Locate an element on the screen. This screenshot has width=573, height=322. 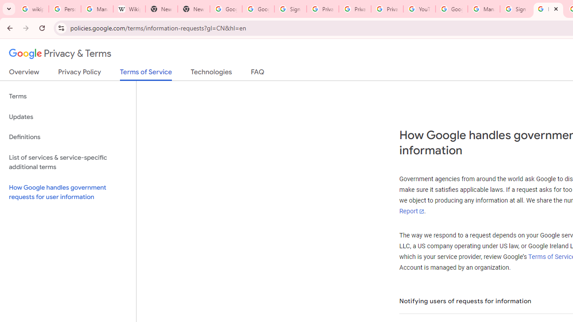
'Google Account Help' is located at coordinates (451, 9).